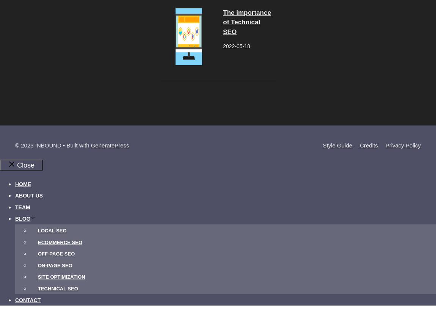 The width and height of the screenshot is (436, 312). I want to click on '2022-05-18', so click(236, 46).